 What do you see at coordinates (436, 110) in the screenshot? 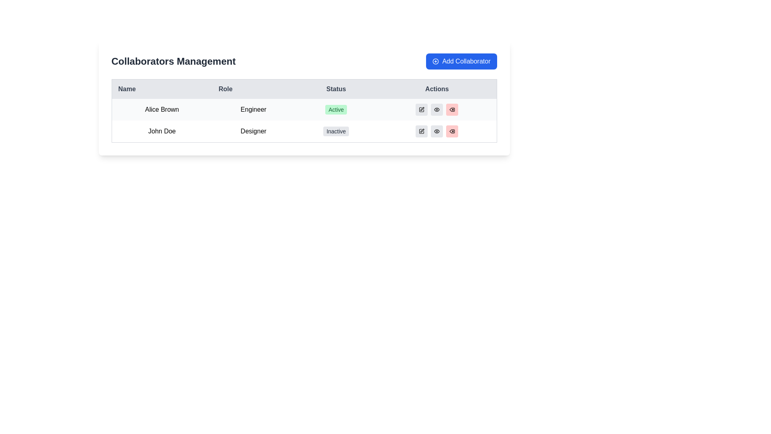
I see `the group of interactive buttons in the 'Actions' column` at bounding box center [436, 110].